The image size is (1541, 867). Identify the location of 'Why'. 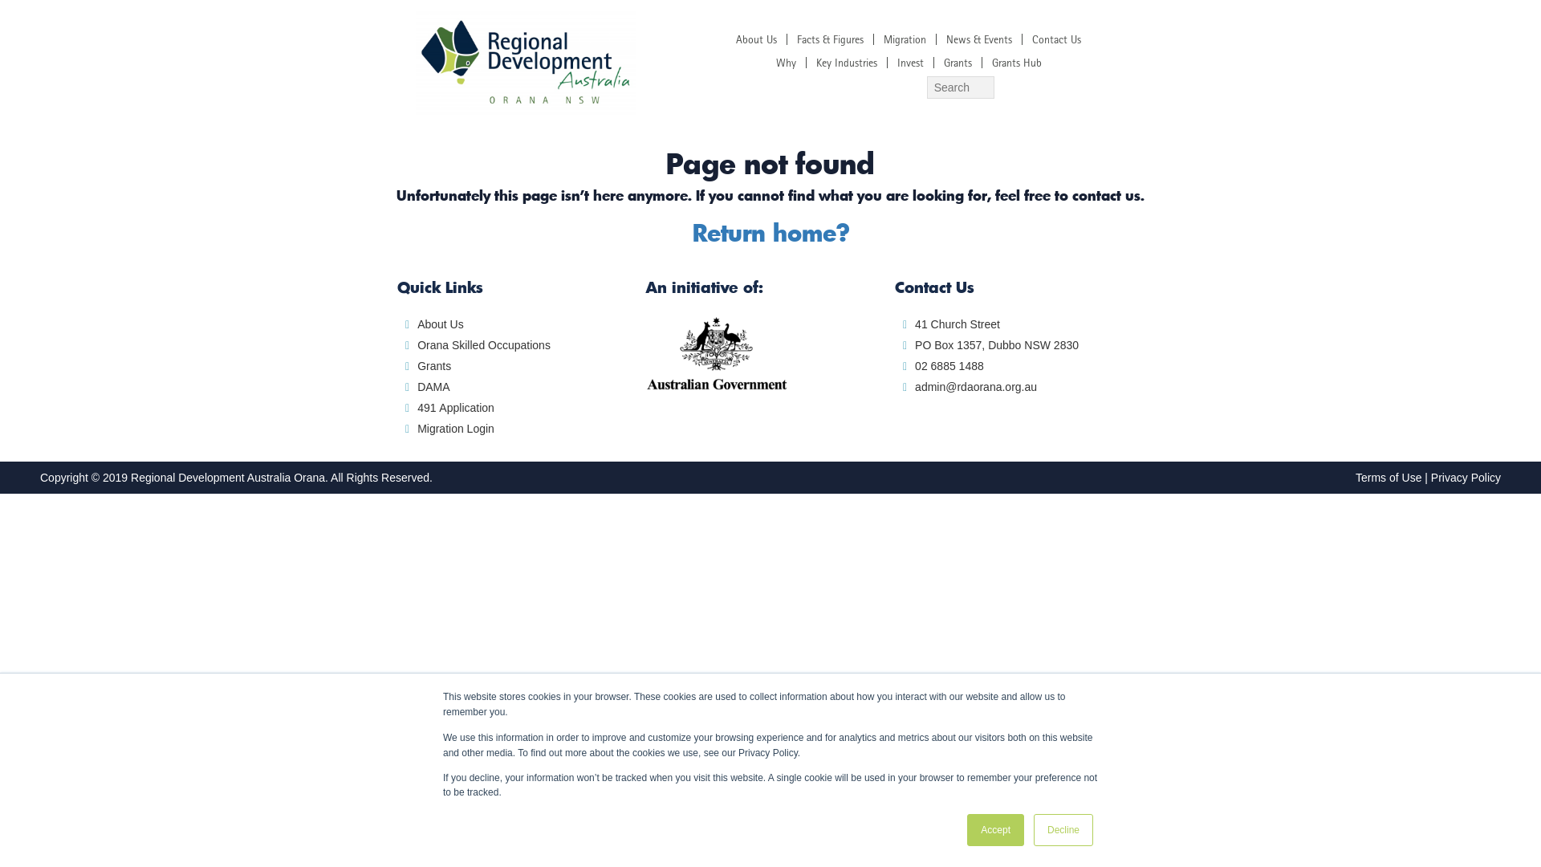
(786, 61).